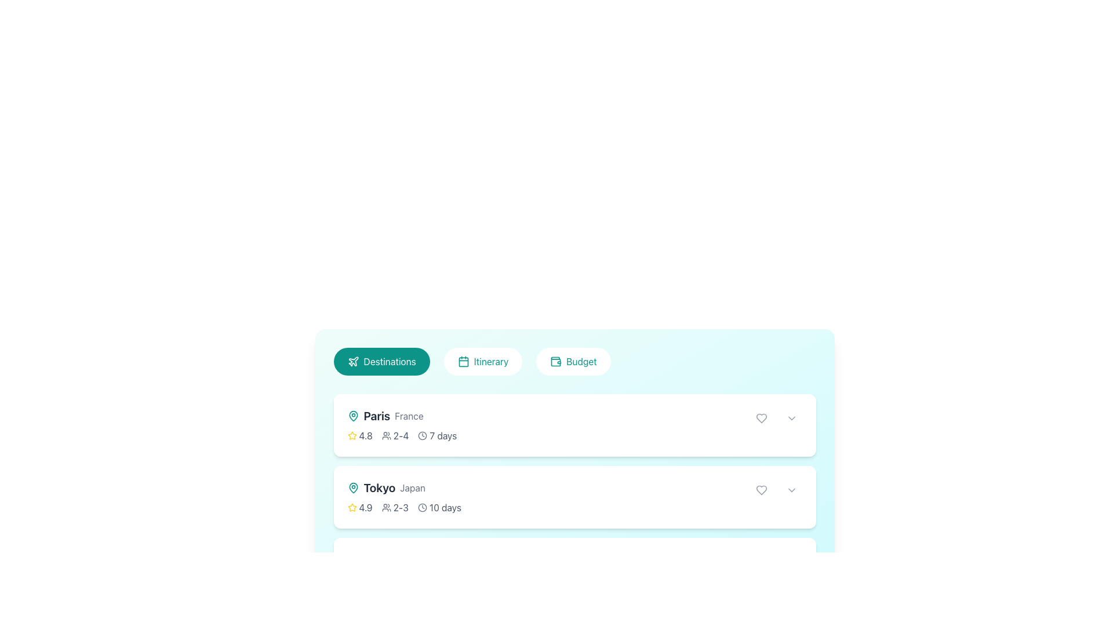 The image size is (1113, 626). I want to click on the text display element showing the title 'Paris' and the subtitle 'France', which is the first item in a vertically arranged list of destinations, so click(402, 415).